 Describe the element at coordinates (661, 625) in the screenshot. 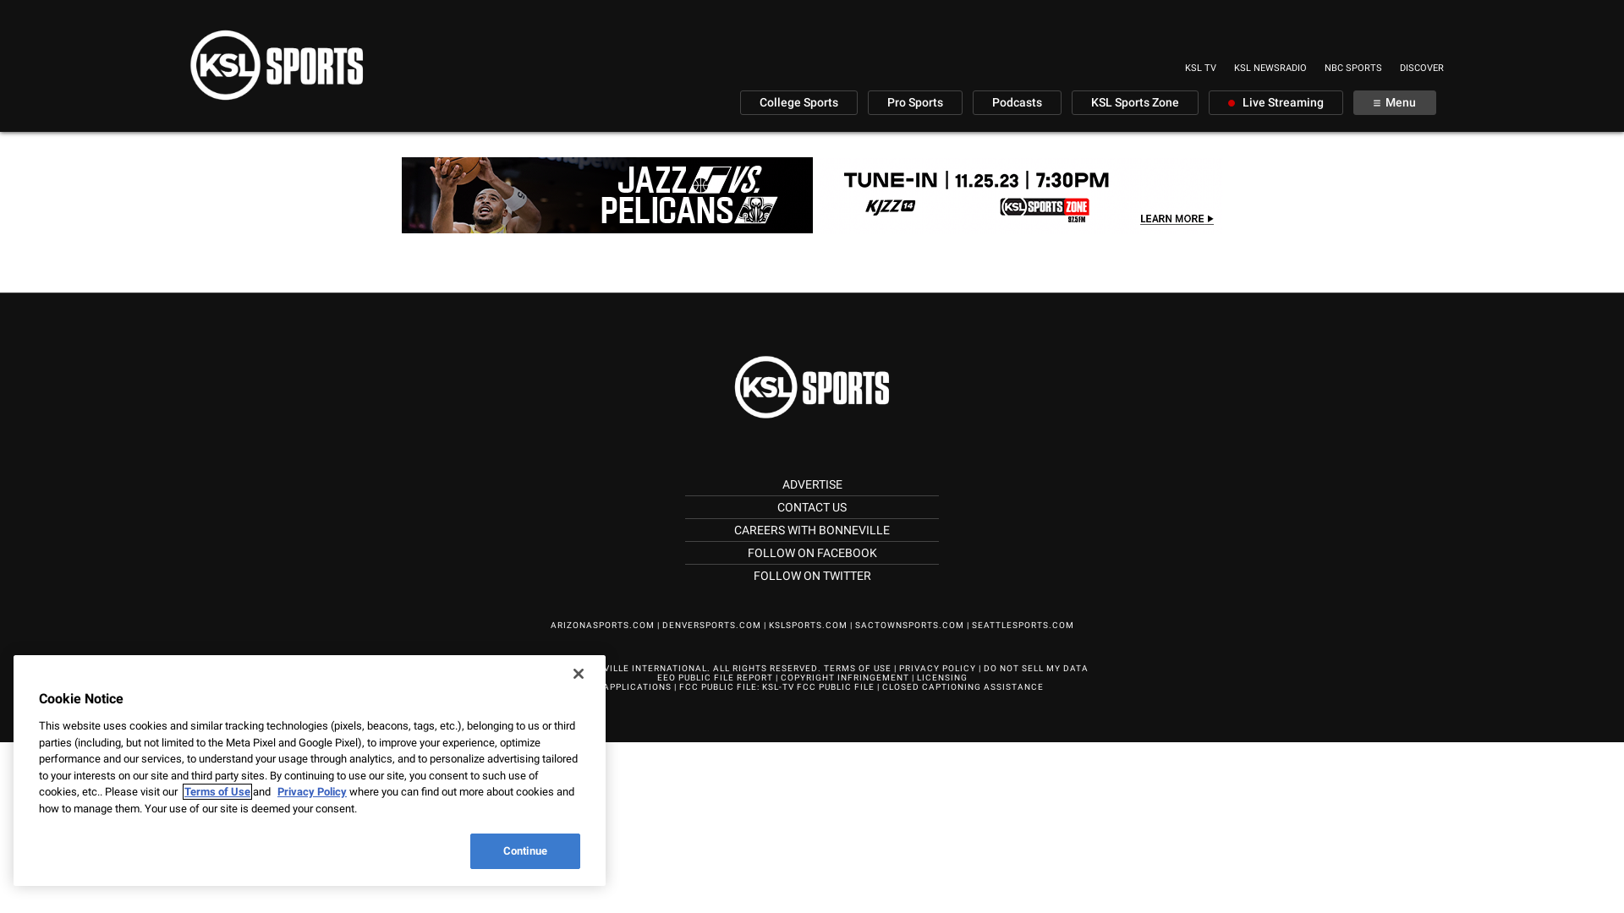

I see `'DENVERSPORTS.COM'` at that location.